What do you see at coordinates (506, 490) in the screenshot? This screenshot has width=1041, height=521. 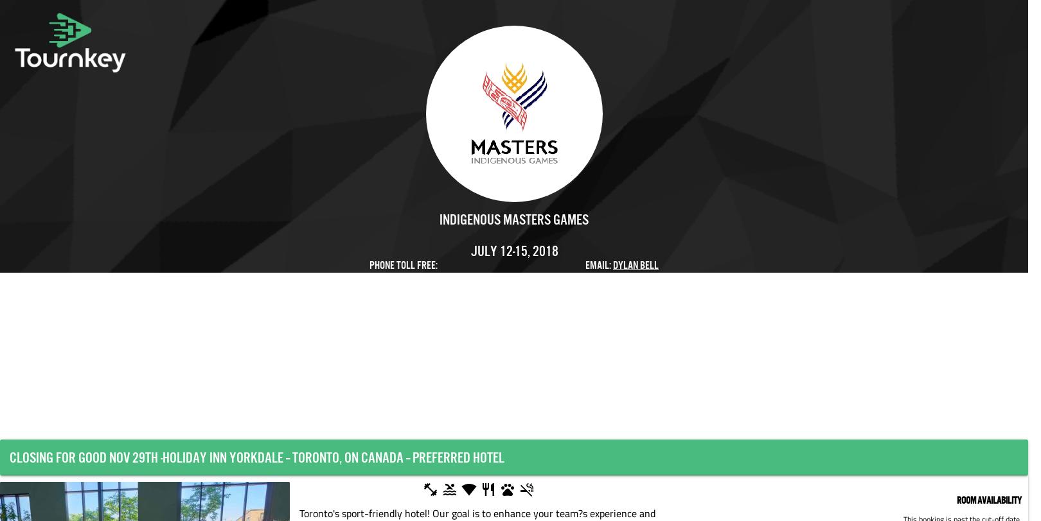 I see `'pets'` at bounding box center [506, 490].